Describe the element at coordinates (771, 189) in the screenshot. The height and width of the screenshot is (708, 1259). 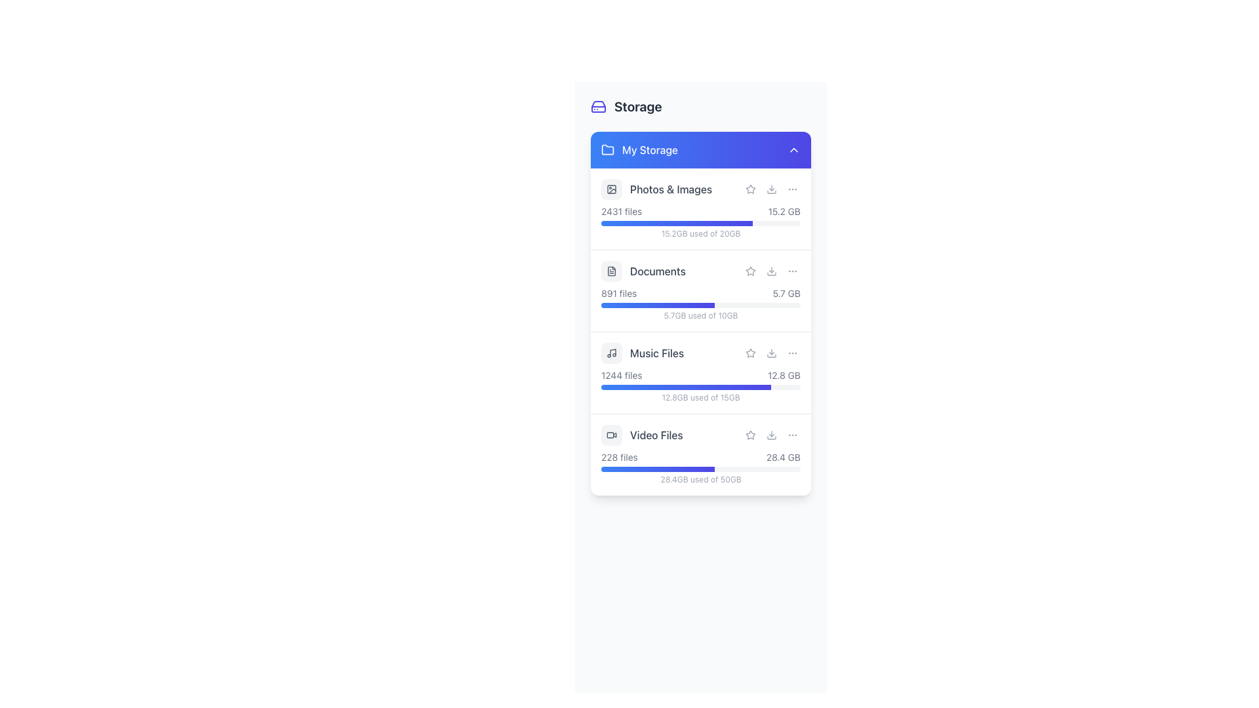
I see `the download button located to the right of the 'Photos & Images' section in the 'My Storage' panel to initiate the file download process` at that location.